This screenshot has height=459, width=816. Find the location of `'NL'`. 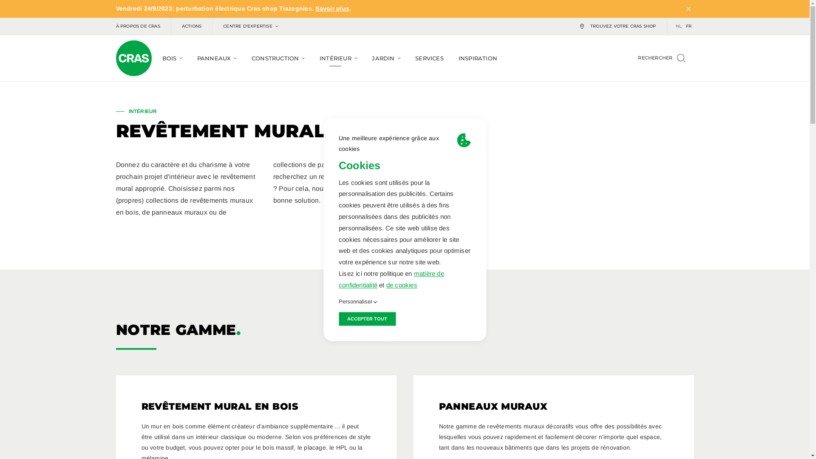

'NL' is located at coordinates (678, 25).